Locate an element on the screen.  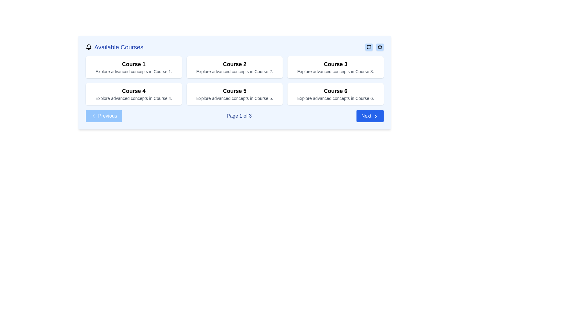
the second course card titled 'Course 2' which contains a description 'Explore advanced concepts in Course 2.' is located at coordinates (234, 67).